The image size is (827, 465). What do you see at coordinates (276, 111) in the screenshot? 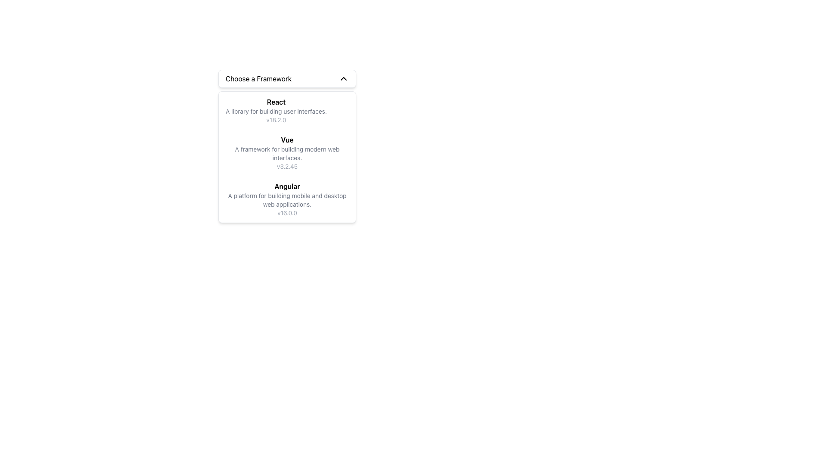
I see `the second text label that describes the React framework, positioned below the title 'React' and above the version label 'v18.2.0'` at bounding box center [276, 111].